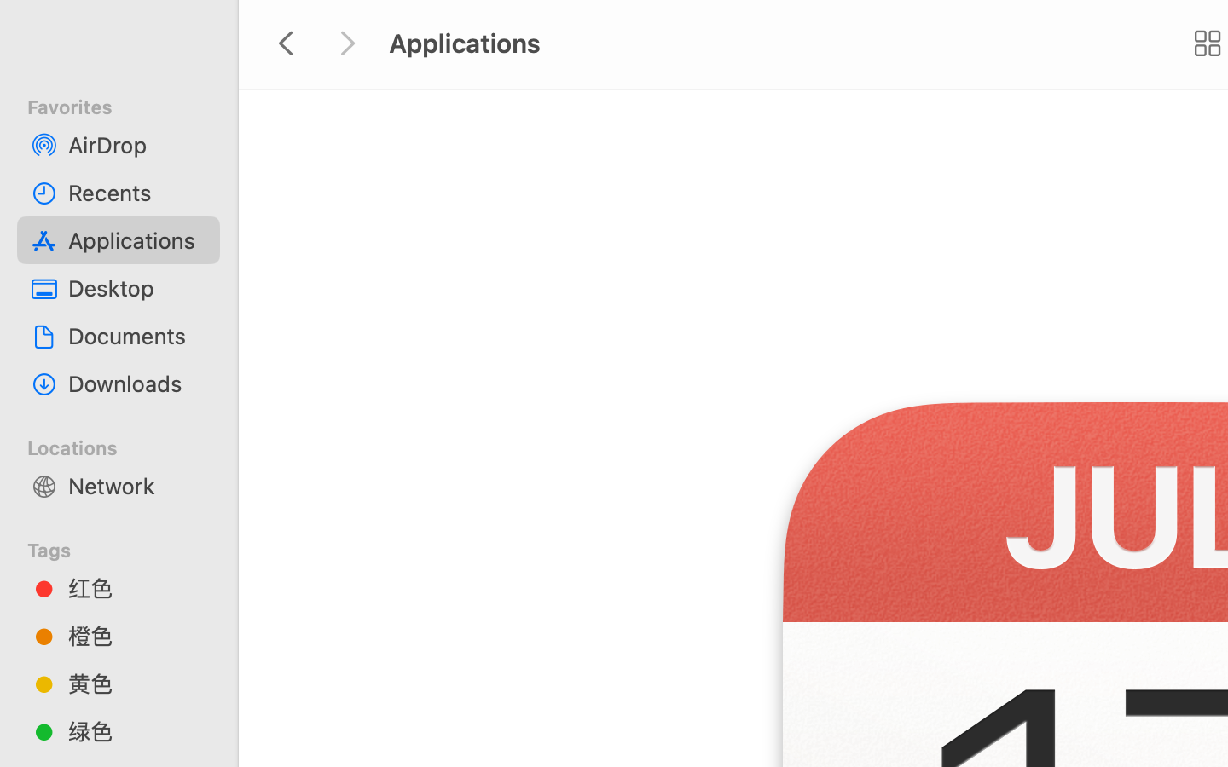  I want to click on 'Network', so click(136, 485).